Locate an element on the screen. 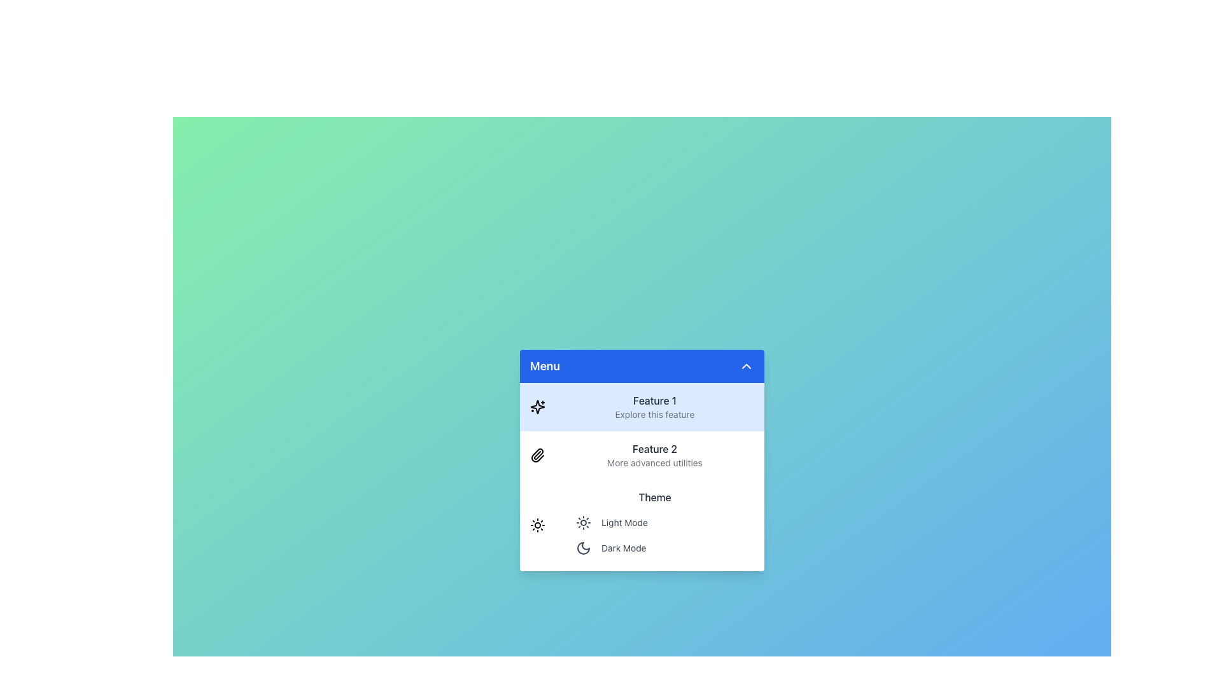 The width and height of the screenshot is (1222, 687). the selectable option to enable light mode within the 'Theme' section of the menu box, located above the 'Dark Mode' option is located at coordinates (662, 522).